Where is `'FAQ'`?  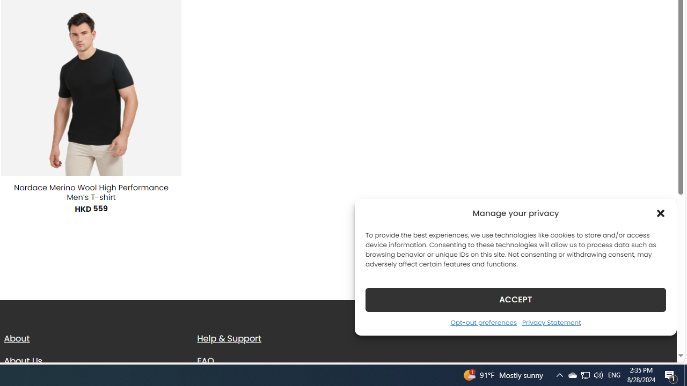 'FAQ' is located at coordinates (206, 360).